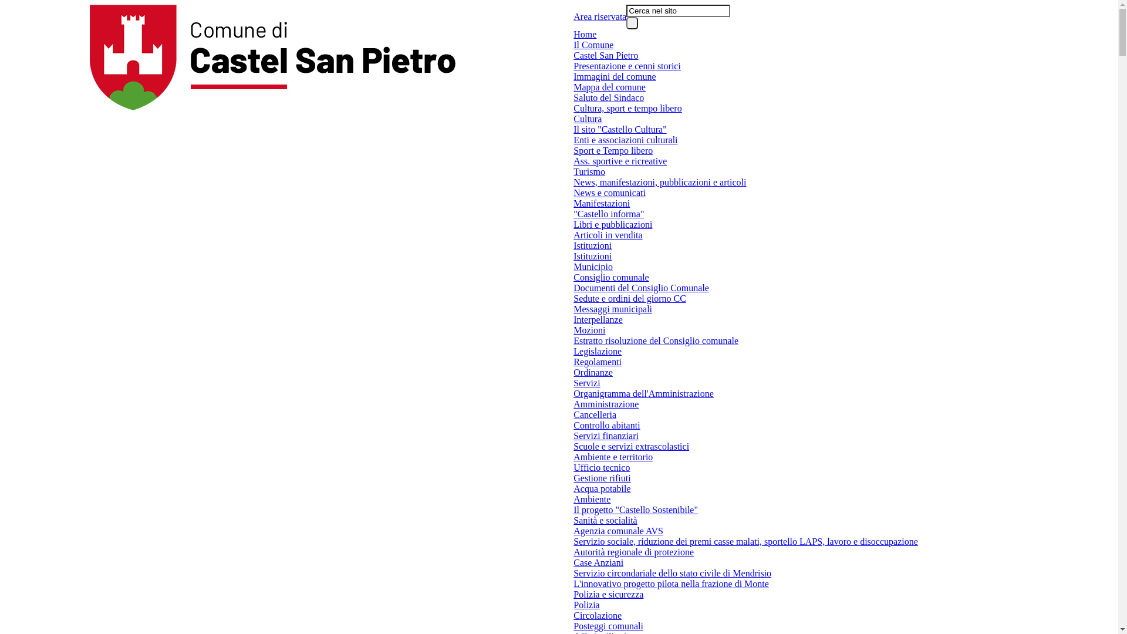  What do you see at coordinates (586, 605) in the screenshot?
I see `'Polizia'` at bounding box center [586, 605].